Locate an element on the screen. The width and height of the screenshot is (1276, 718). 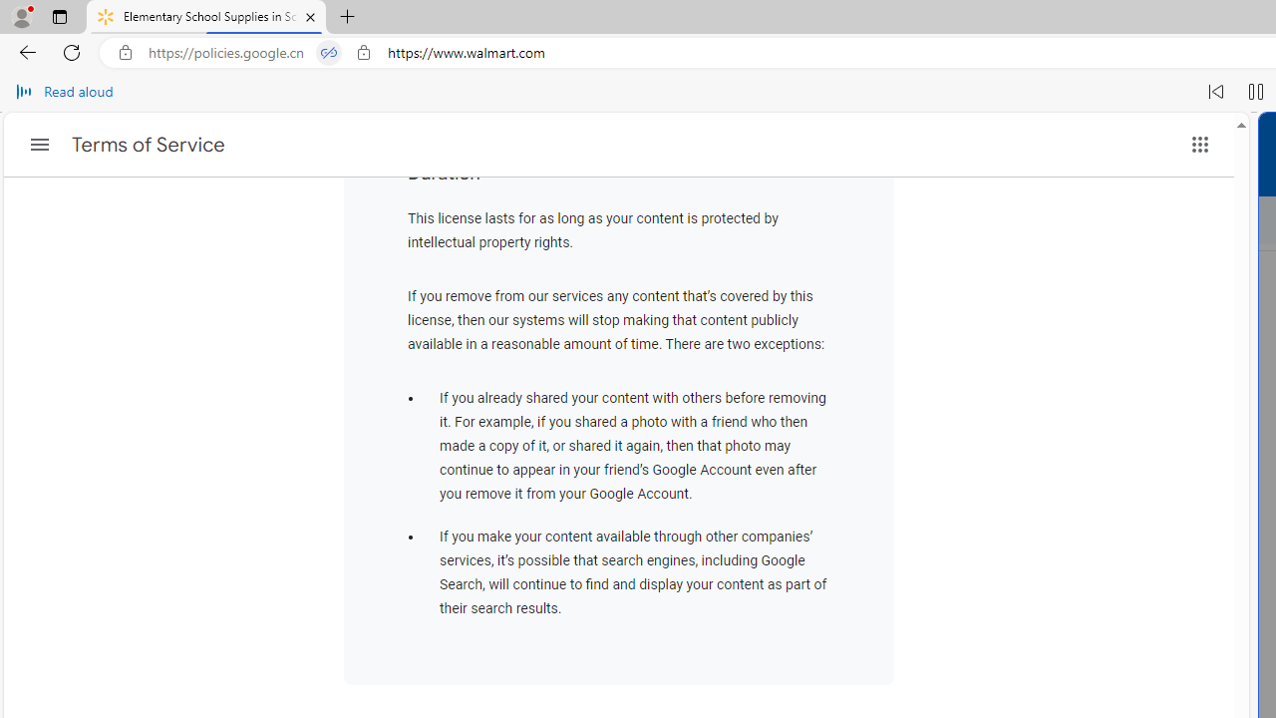
'Tabs in split screen' is located at coordinates (329, 52).